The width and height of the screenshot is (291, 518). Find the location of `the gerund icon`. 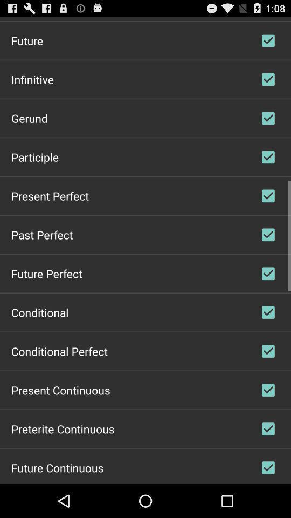

the gerund icon is located at coordinates (29, 118).